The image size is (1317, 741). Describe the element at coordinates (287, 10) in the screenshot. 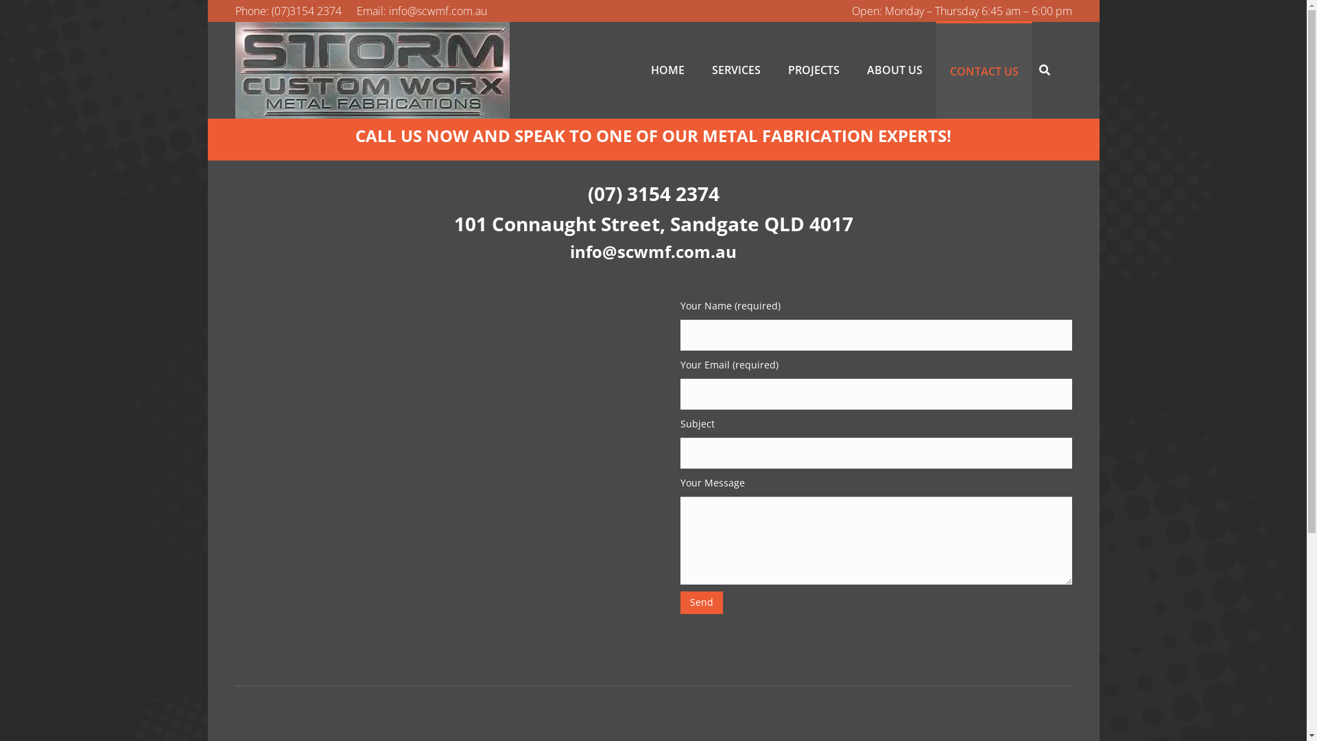

I see `'Phone: (07)3154 2374'` at that location.